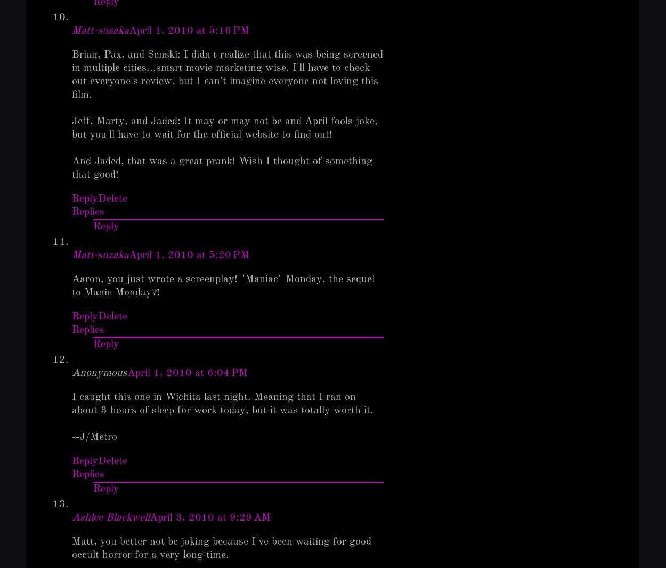 Image resolution: width=666 pixels, height=568 pixels. I want to click on 'April 1, 2010 at 6:04 PM', so click(127, 373).